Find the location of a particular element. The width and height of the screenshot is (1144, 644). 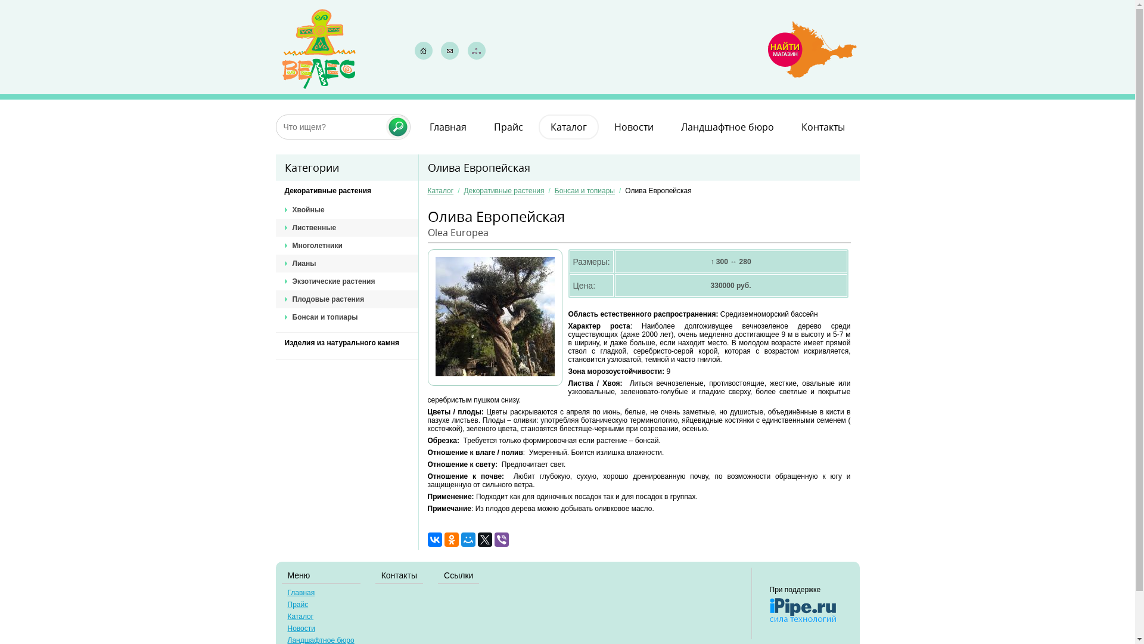

'Home' is located at coordinates (412, 49).